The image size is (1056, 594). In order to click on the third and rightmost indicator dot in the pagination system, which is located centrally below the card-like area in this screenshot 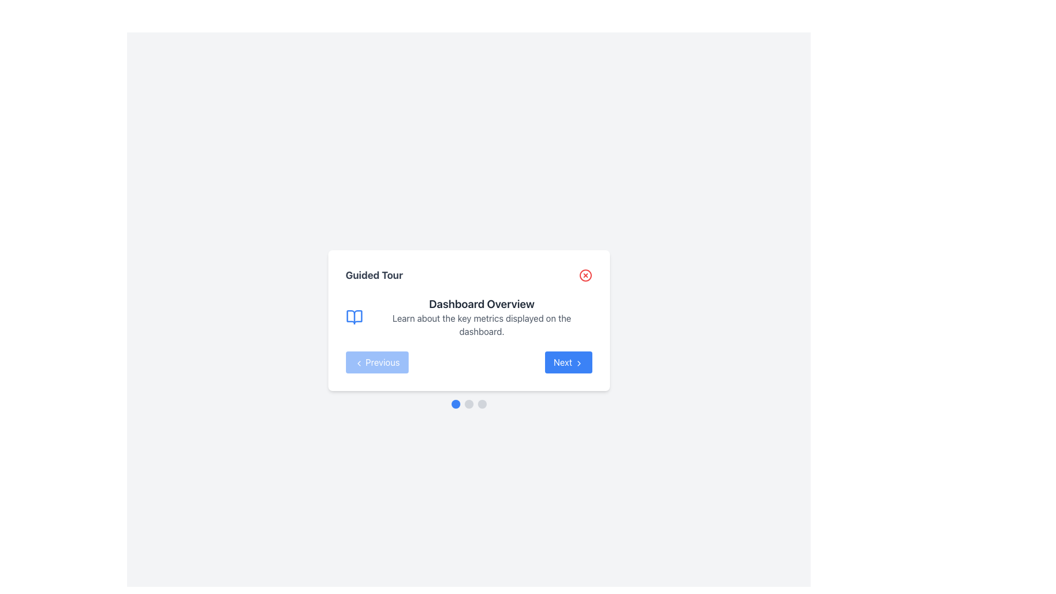, I will do `click(482, 404)`.